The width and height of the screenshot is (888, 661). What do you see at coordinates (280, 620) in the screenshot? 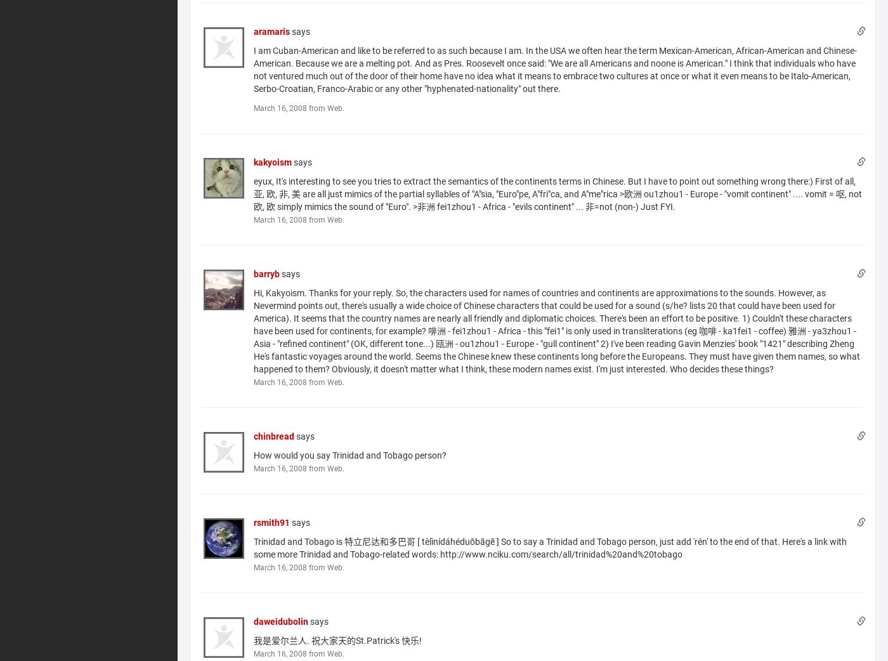
I see `'daweidubolin'` at bounding box center [280, 620].